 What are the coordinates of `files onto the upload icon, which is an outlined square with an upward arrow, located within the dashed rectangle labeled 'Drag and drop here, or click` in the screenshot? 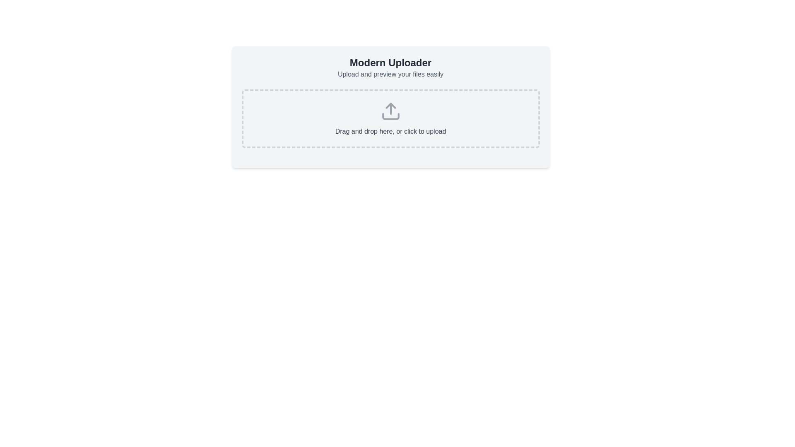 It's located at (390, 111).